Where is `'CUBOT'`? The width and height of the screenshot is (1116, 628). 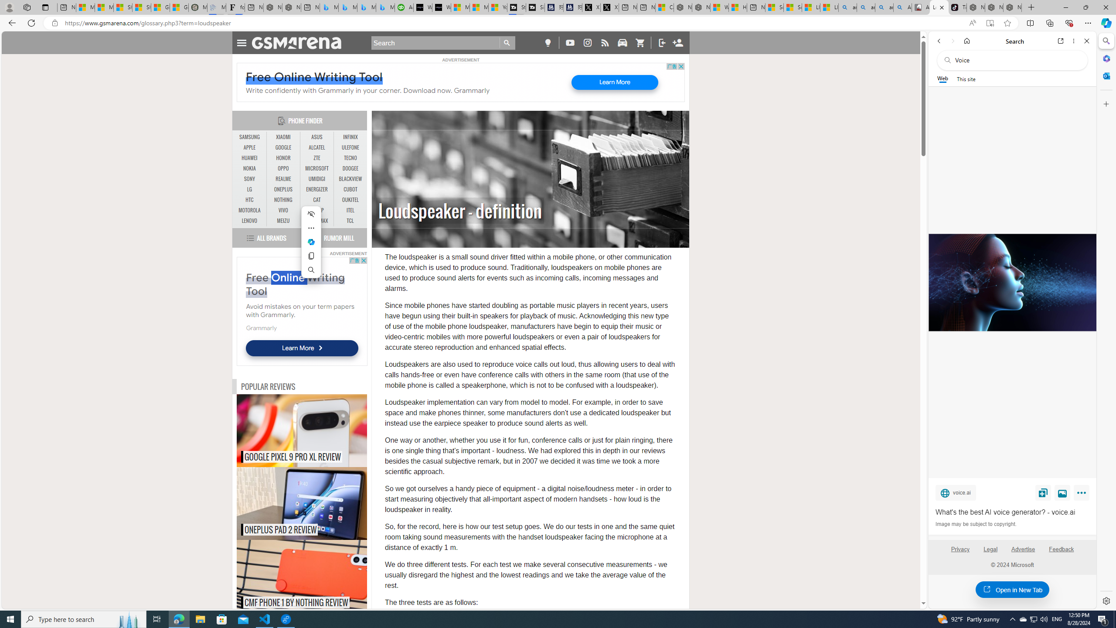
'CUBOT' is located at coordinates (350, 189).